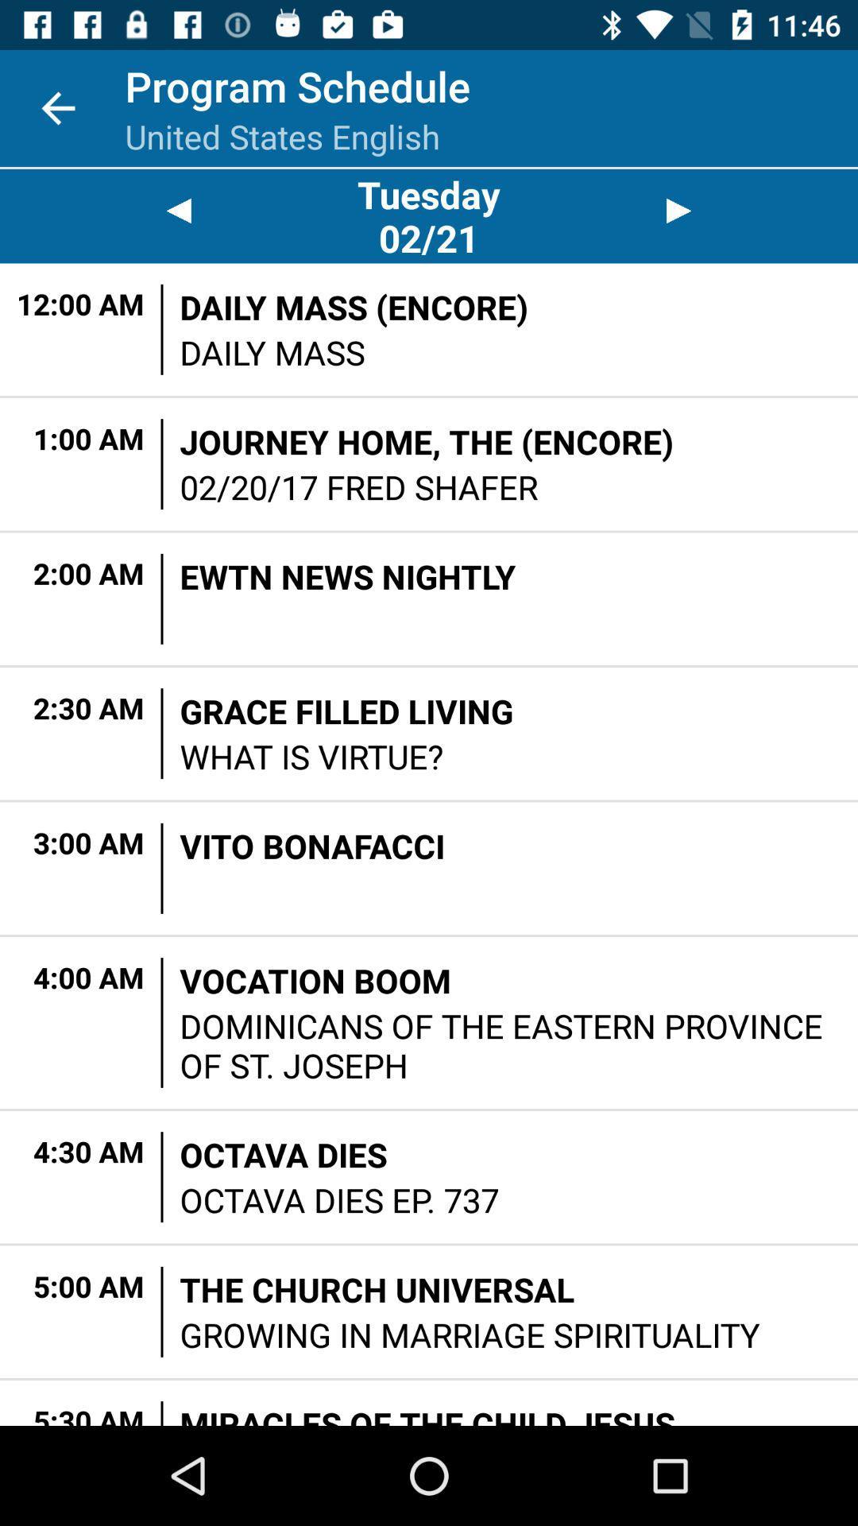  Describe the element at coordinates (178, 210) in the screenshot. I see `the arrow_backward icon` at that location.